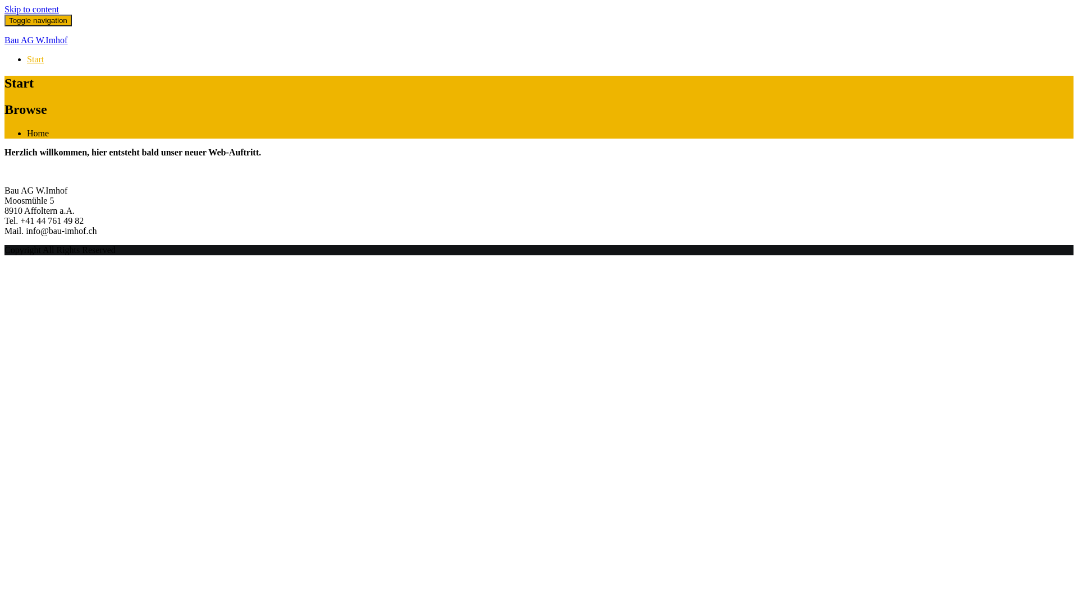  What do you see at coordinates (35, 59) in the screenshot?
I see `'Start'` at bounding box center [35, 59].